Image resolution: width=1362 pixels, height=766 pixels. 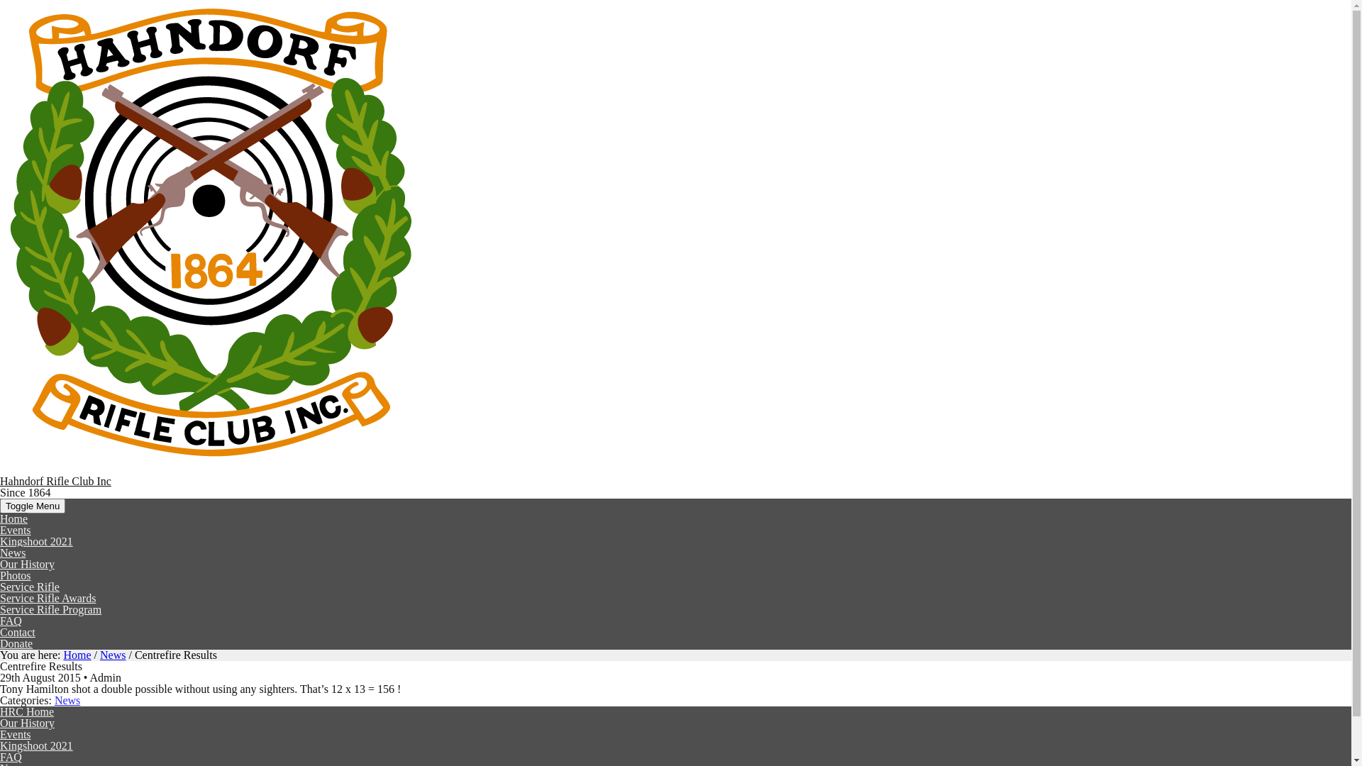 I want to click on 'Events', so click(x=0, y=734).